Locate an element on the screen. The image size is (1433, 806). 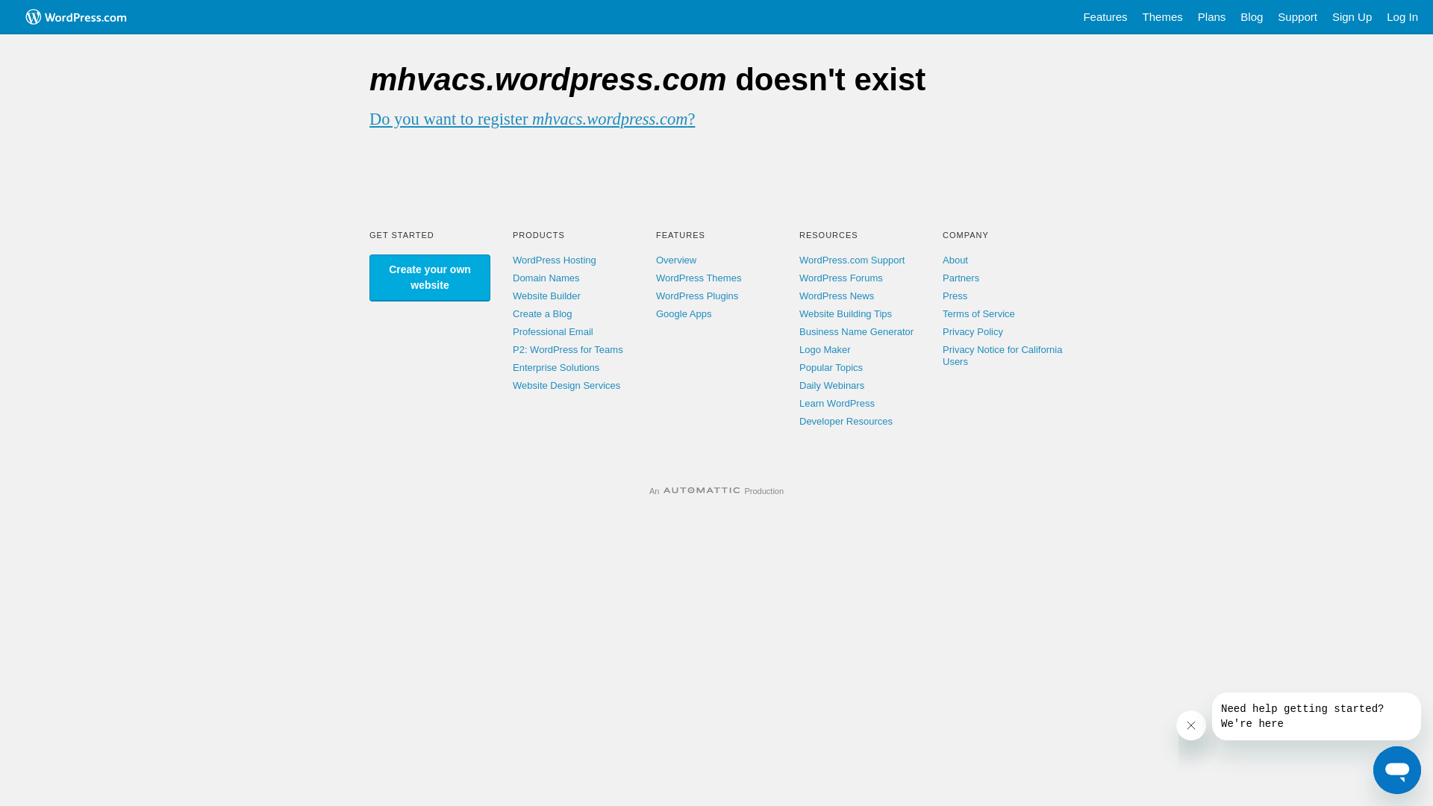
'Close message' is located at coordinates (1190, 725).